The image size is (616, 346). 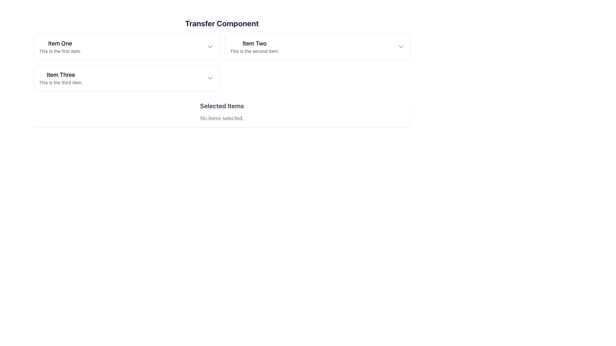 I want to click on the descriptive text 'This is the second item.' located below the title 'Item Two' in the 'Transfer Component' section, so click(x=254, y=51).